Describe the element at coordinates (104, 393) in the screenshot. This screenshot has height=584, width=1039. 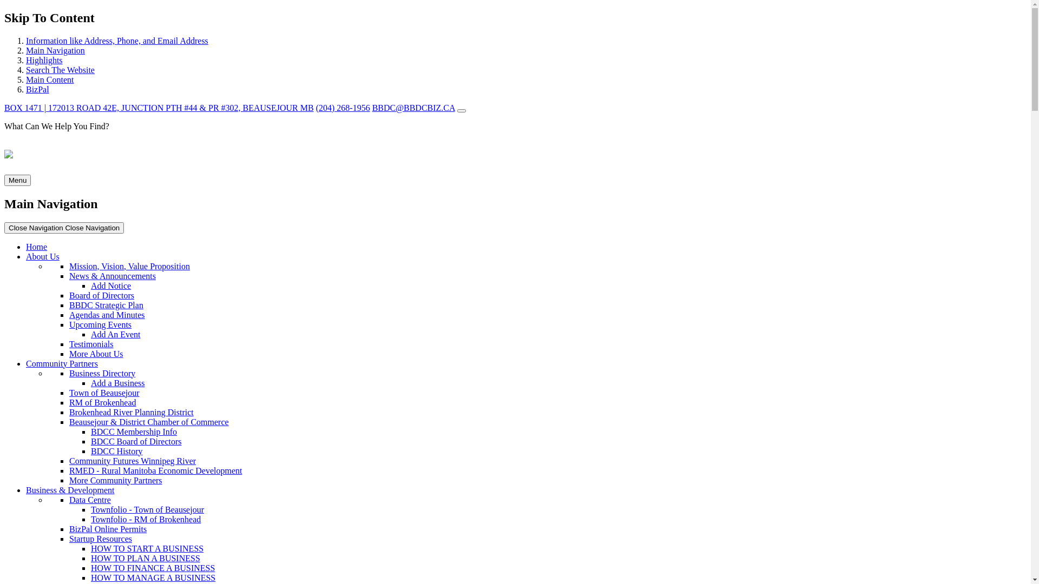
I see `'Town of Beausejour'` at that location.